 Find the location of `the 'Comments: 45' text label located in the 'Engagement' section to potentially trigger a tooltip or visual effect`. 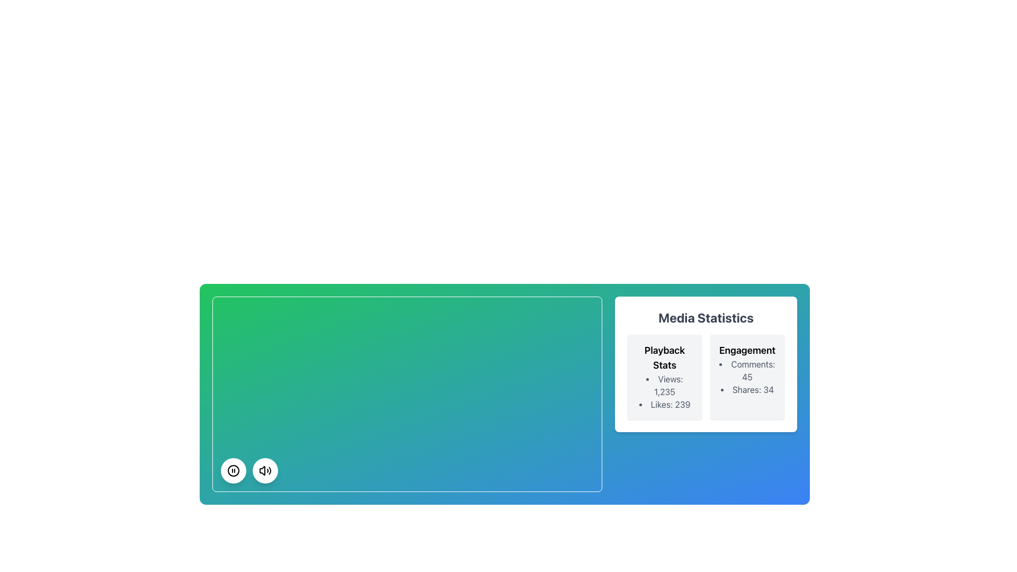

the 'Comments: 45' text label located in the 'Engagement' section to potentially trigger a tooltip or visual effect is located at coordinates (747, 370).